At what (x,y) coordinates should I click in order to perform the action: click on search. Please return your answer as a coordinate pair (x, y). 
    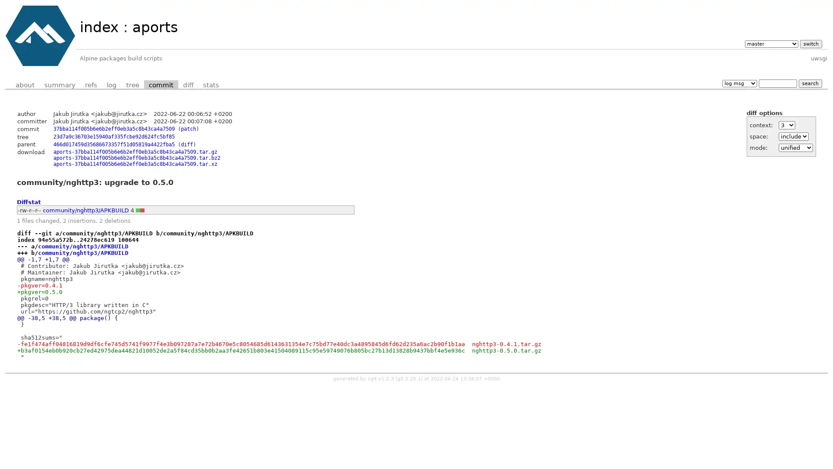
    Looking at the image, I should click on (810, 83).